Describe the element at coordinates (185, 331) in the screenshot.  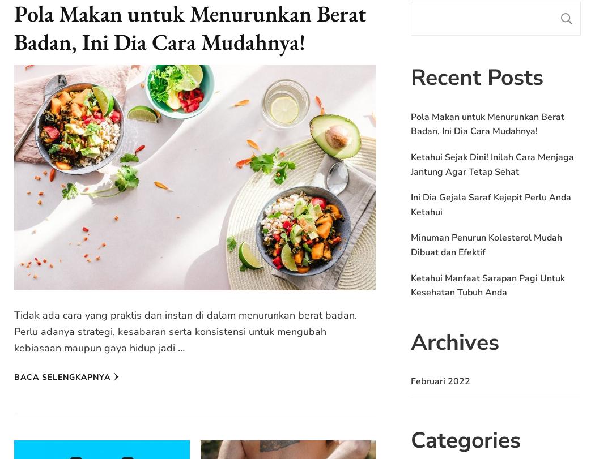
I see `'Tidak ada cara yang praktis dan instan di dalam menurunkan berat badan. Perlu adanya strategi, kesabaran serta konsistensi untuk mengubah kebiasaan maupun gaya hidup jadi …'` at that location.